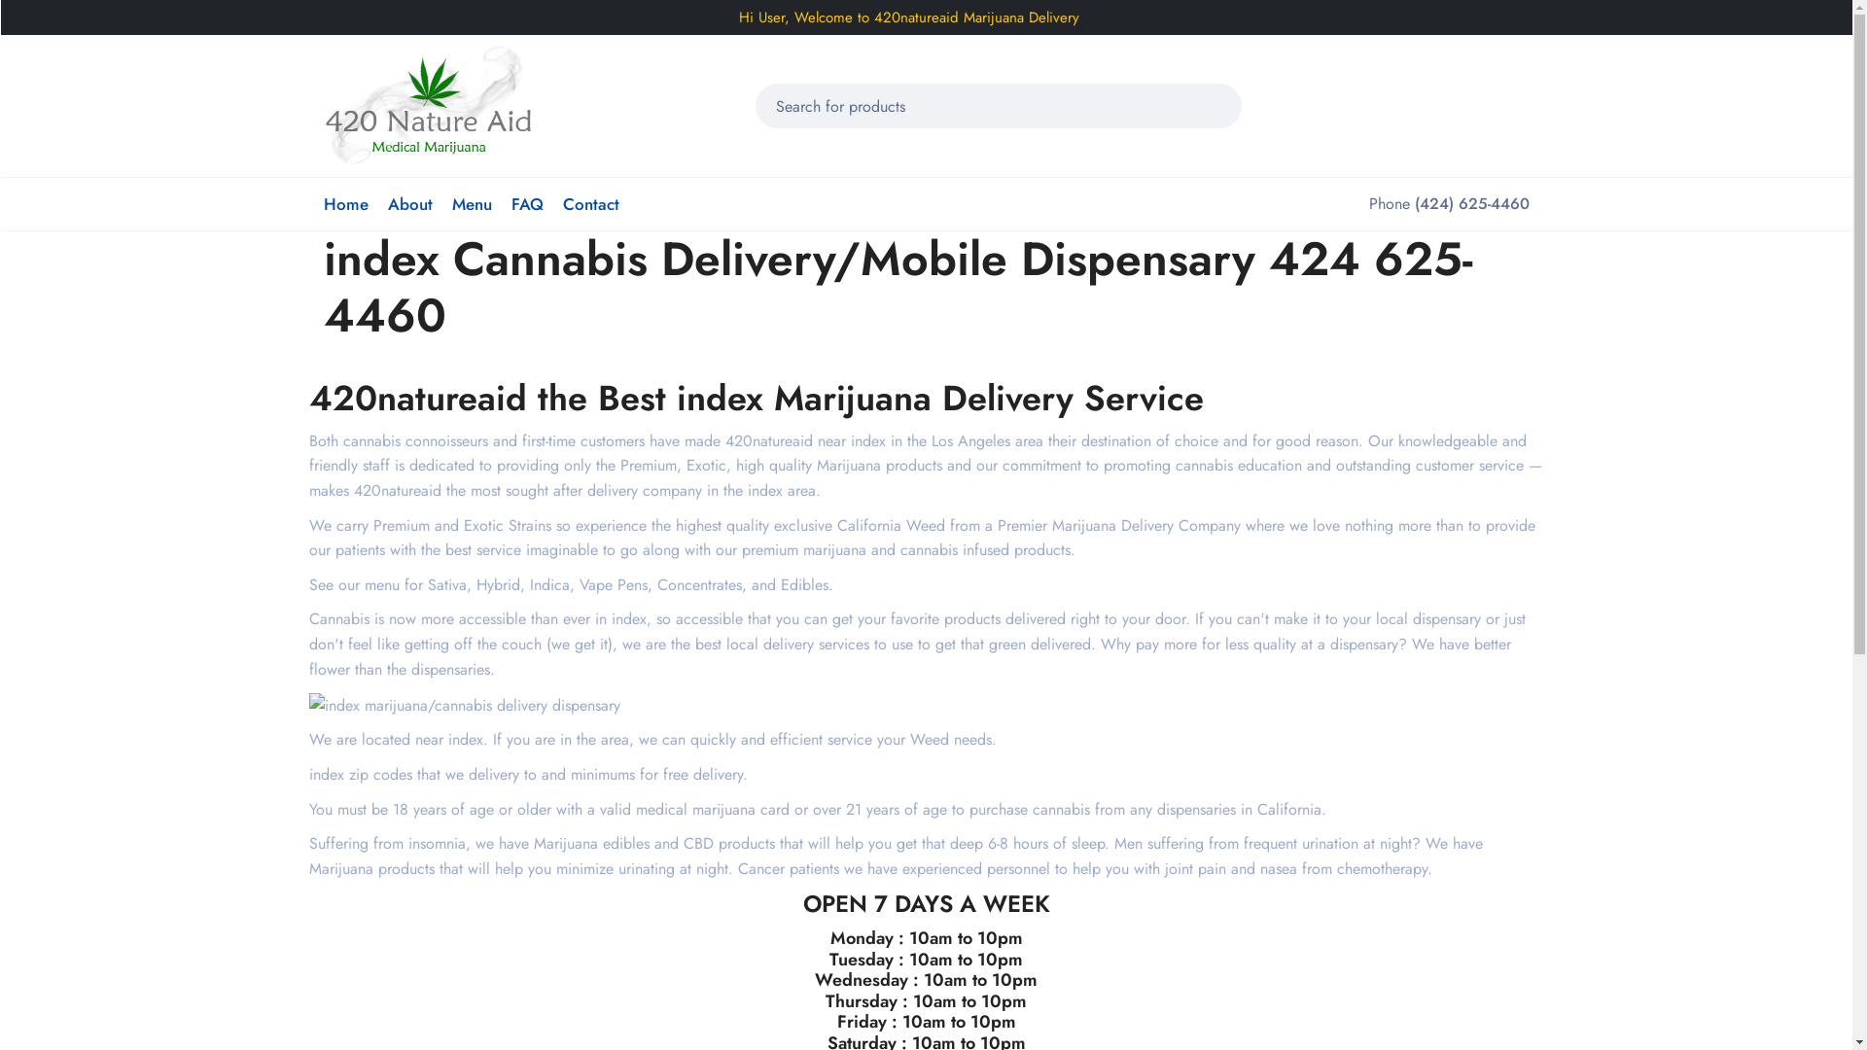 This screenshot has height=1050, width=1867. Describe the element at coordinates (427, 104) in the screenshot. I see `'420natureaid Home'` at that location.